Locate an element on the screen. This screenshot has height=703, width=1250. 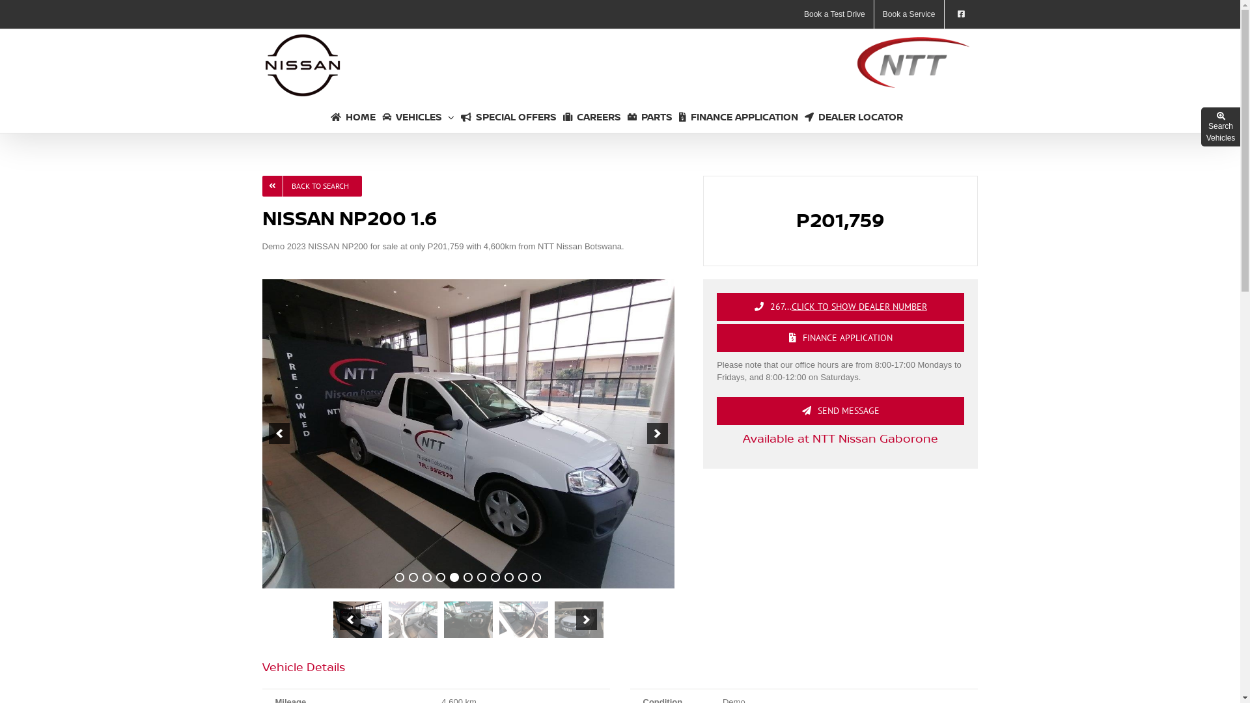
'PARTS' is located at coordinates (650, 115).